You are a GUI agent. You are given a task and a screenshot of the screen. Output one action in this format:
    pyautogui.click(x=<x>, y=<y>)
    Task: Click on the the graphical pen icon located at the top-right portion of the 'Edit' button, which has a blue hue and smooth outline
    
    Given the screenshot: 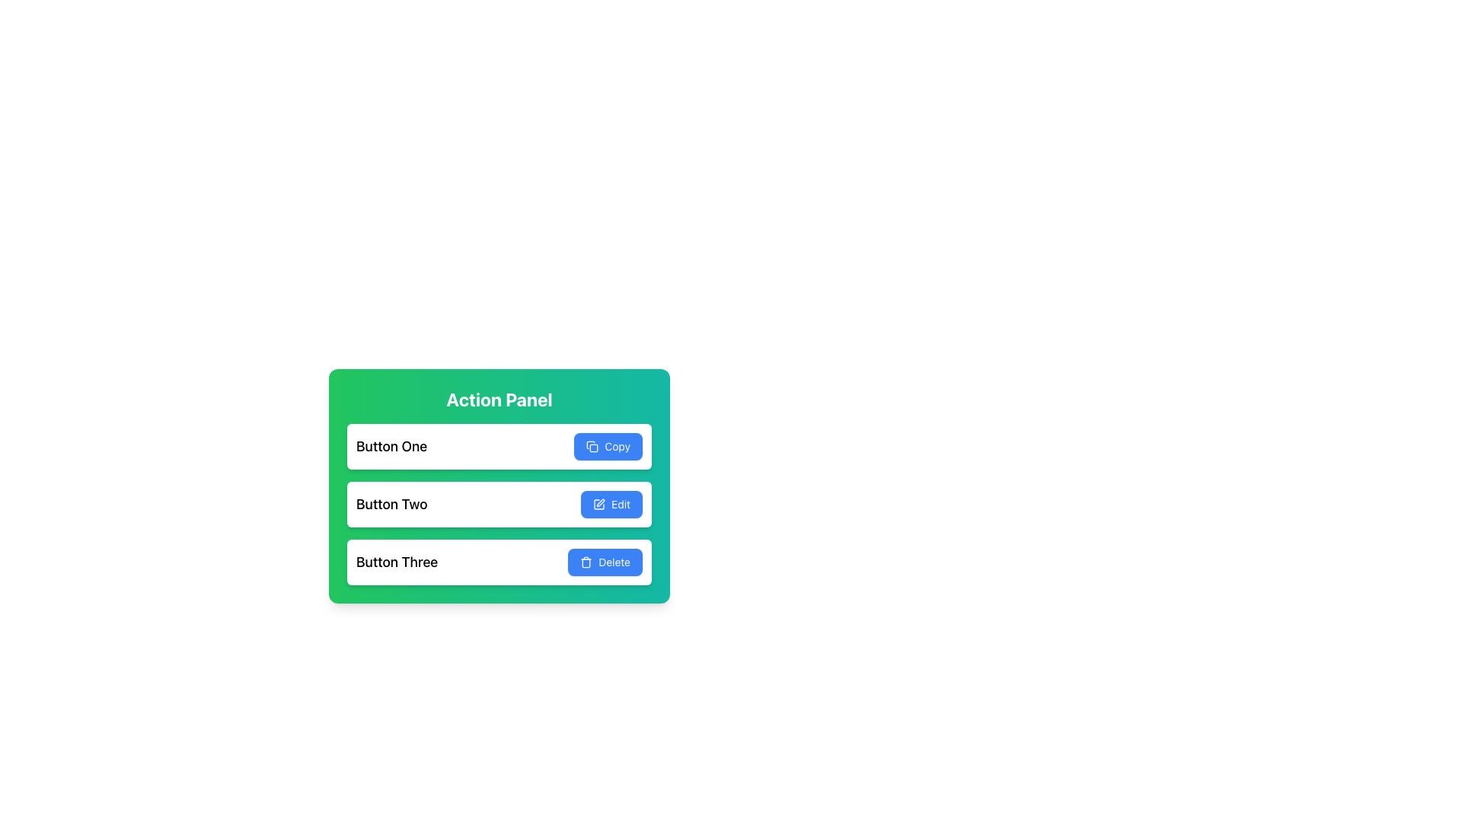 What is the action you would take?
    pyautogui.click(x=600, y=502)
    